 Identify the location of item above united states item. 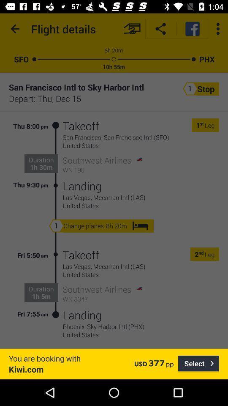
(141, 326).